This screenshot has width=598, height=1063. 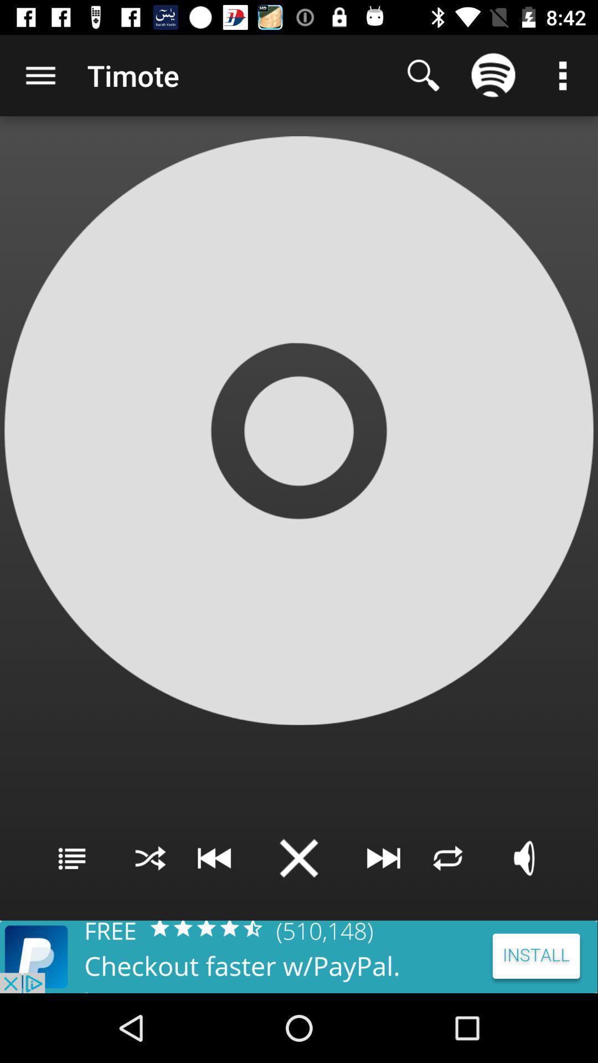 I want to click on the close icon, so click(x=150, y=858).